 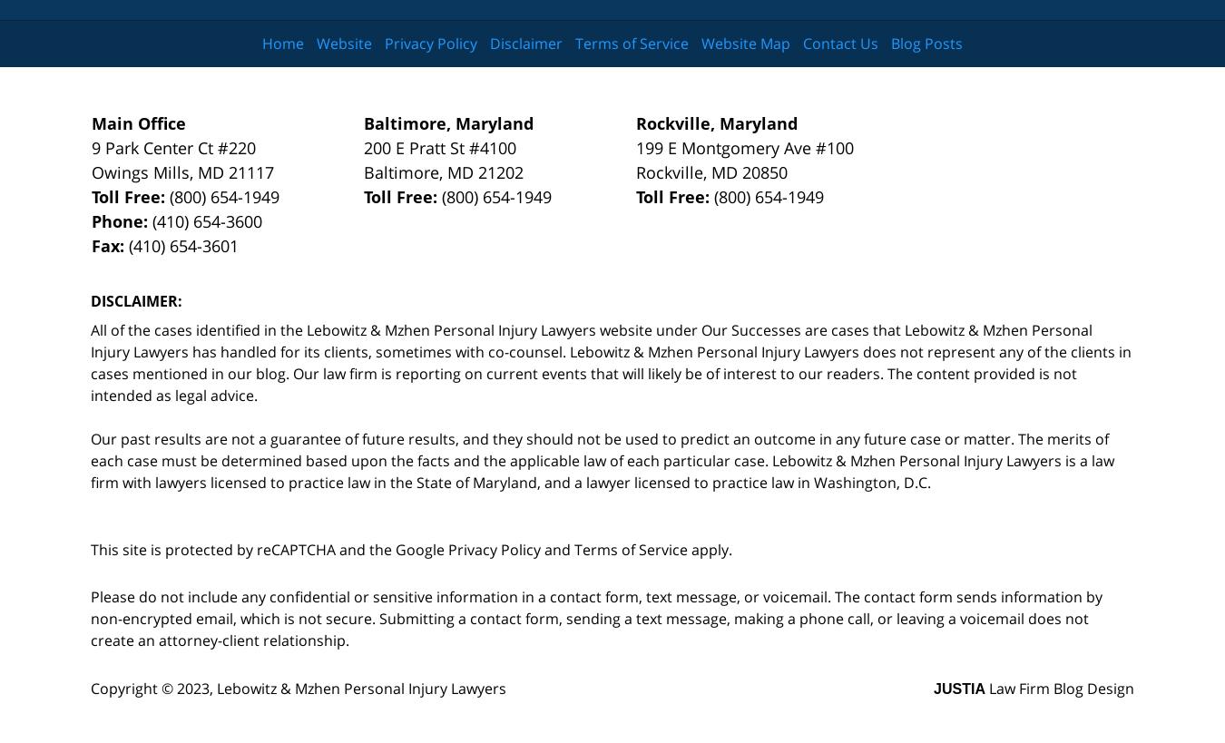 What do you see at coordinates (173, 145) in the screenshot?
I see `'9 Park Center Ct #220'` at bounding box center [173, 145].